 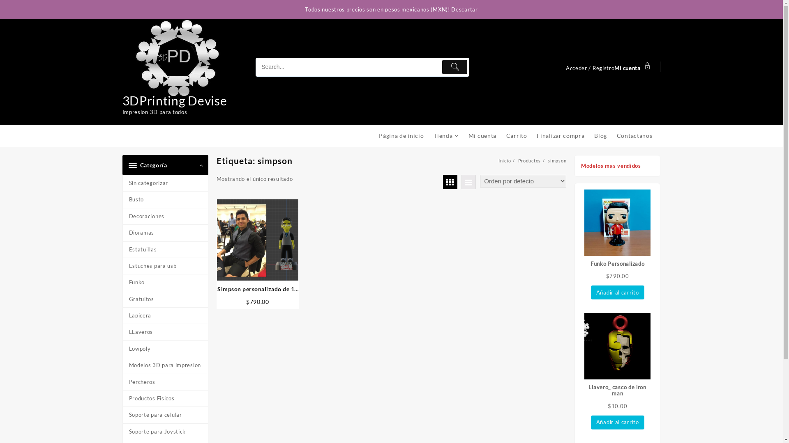 I want to click on 'Estatuillas', so click(x=165, y=249).